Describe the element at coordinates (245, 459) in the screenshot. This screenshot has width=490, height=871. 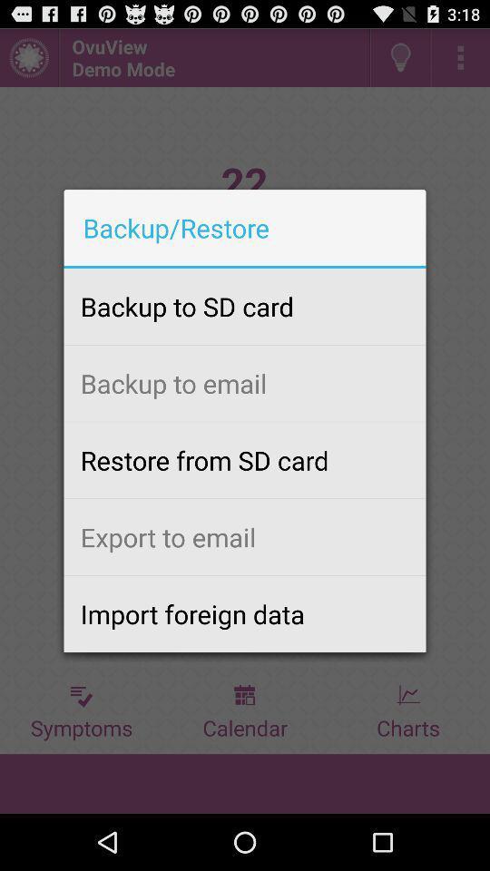
I see `the item above export to email app` at that location.